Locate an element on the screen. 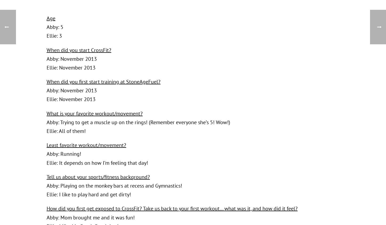 The height and width of the screenshot is (225, 386). 'When did you first start training at StoneAgeFuel?' is located at coordinates (103, 81).